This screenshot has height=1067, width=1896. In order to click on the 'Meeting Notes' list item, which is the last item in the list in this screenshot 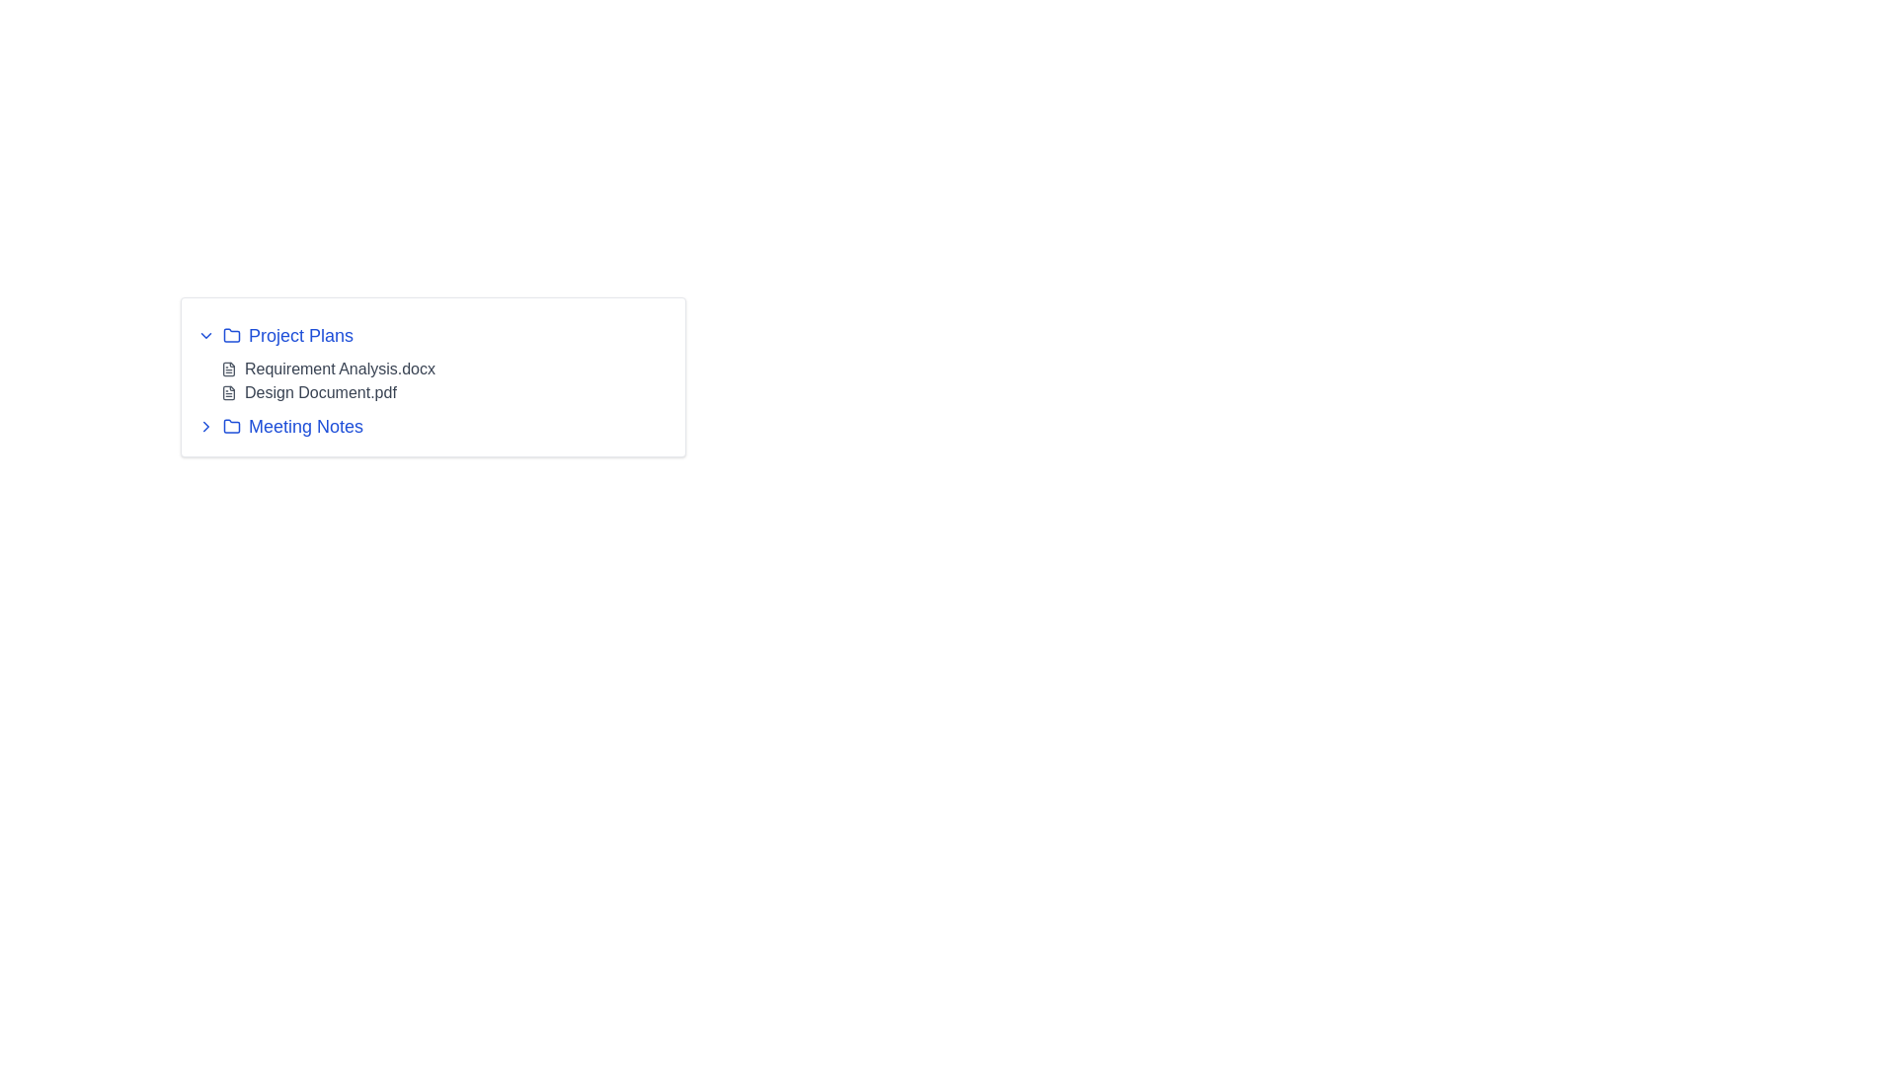, I will do `click(432, 426)`.